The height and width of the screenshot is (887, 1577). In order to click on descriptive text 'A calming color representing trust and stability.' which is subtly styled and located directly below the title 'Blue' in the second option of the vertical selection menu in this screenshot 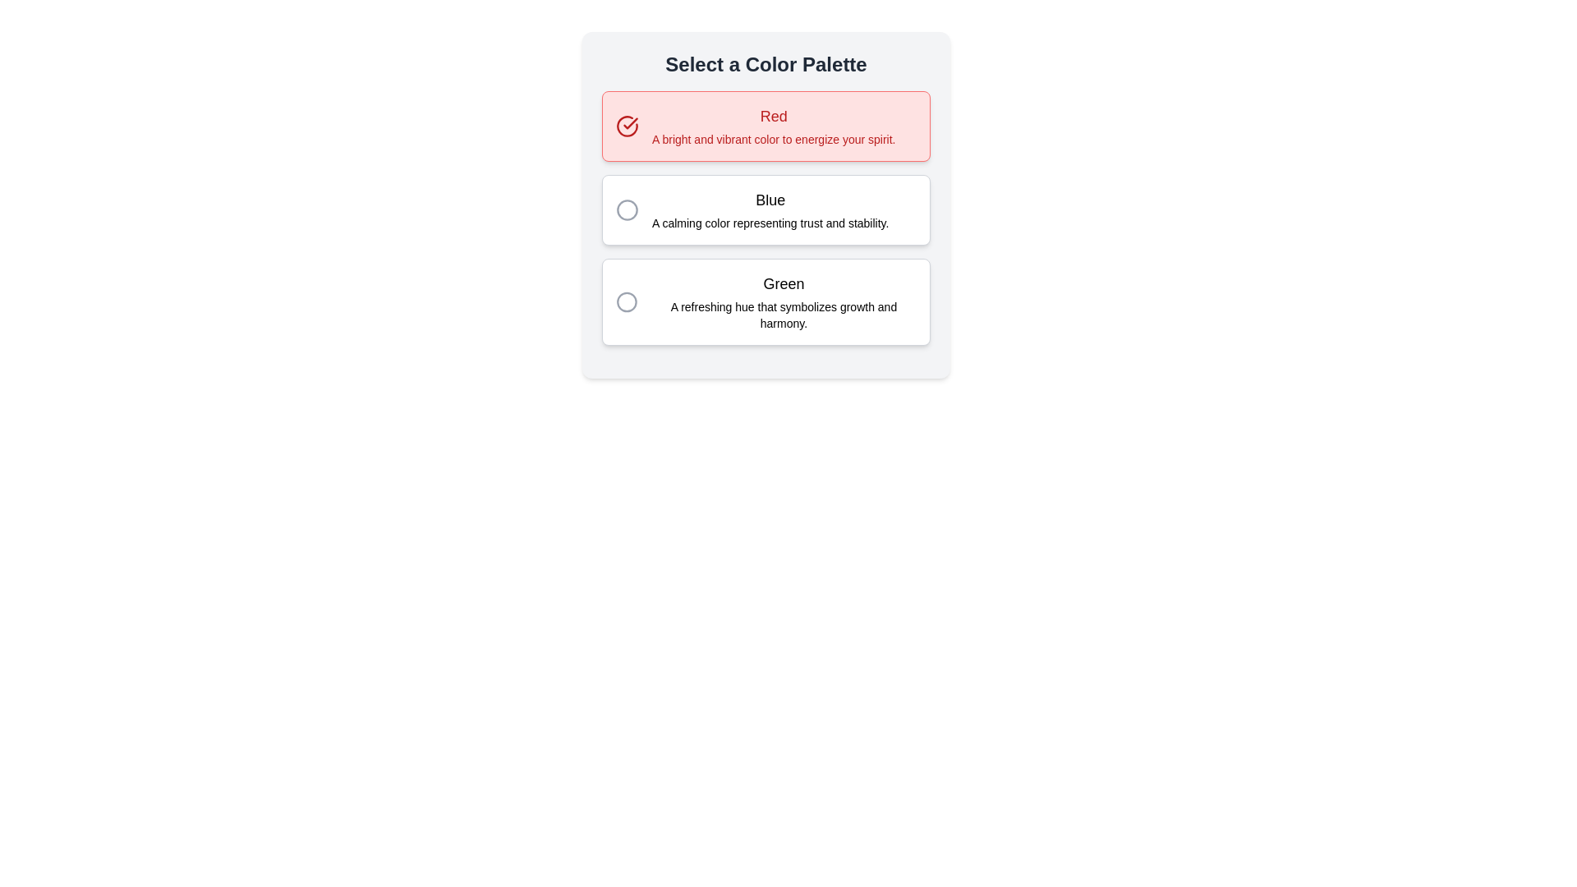, I will do `click(770, 223)`.